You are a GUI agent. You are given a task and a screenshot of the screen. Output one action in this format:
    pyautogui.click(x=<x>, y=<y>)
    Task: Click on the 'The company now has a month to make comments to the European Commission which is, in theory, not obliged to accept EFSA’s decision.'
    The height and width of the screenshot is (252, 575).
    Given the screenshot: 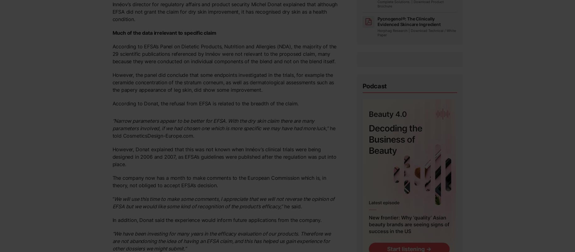 What is the action you would take?
    pyautogui.click(x=112, y=182)
    